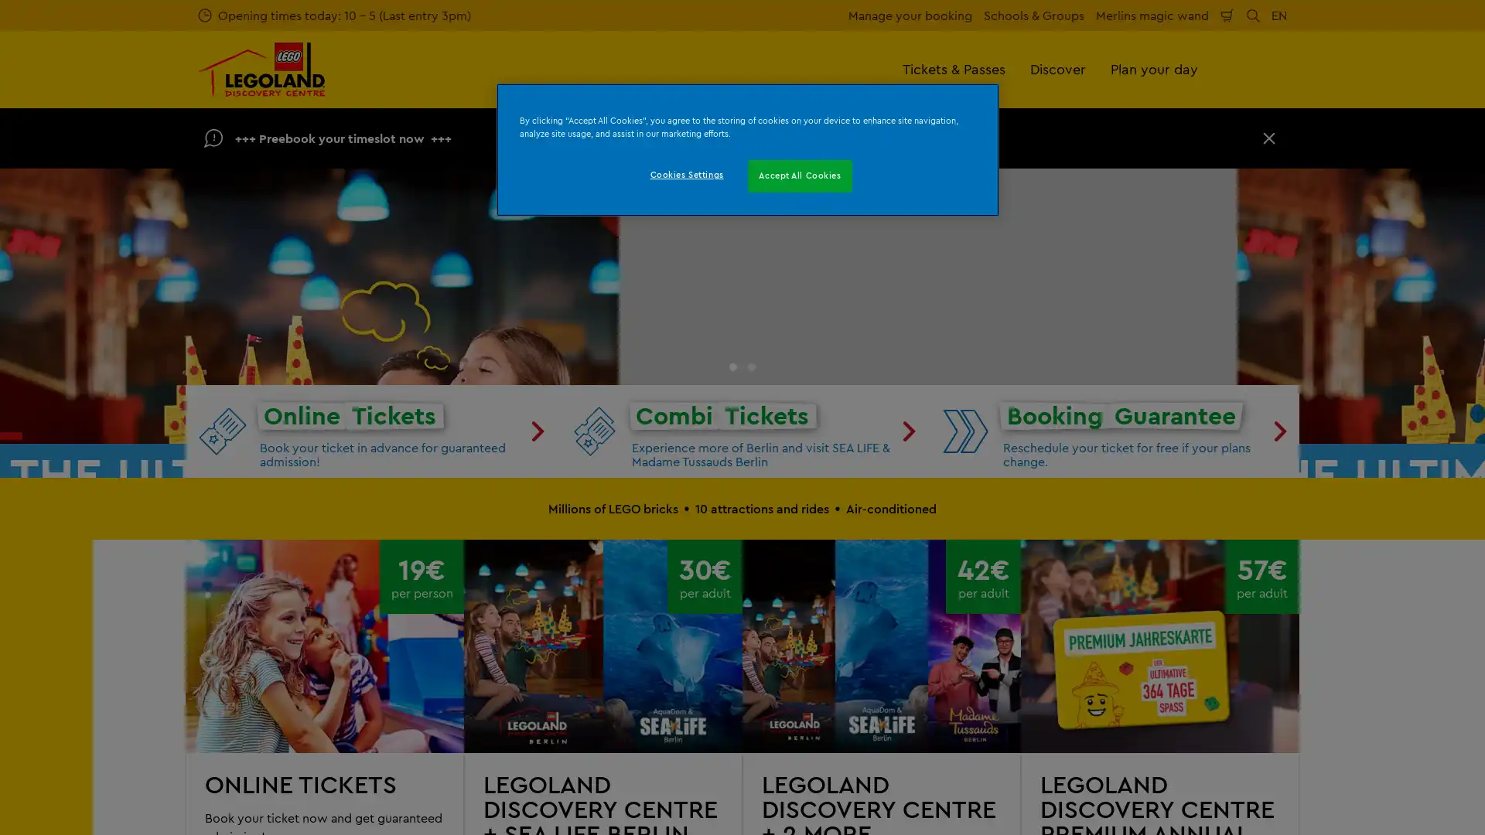 Image resolution: width=1485 pixels, height=835 pixels. What do you see at coordinates (1269, 137) in the screenshot?
I see `Close` at bounding box center [1269, 137].